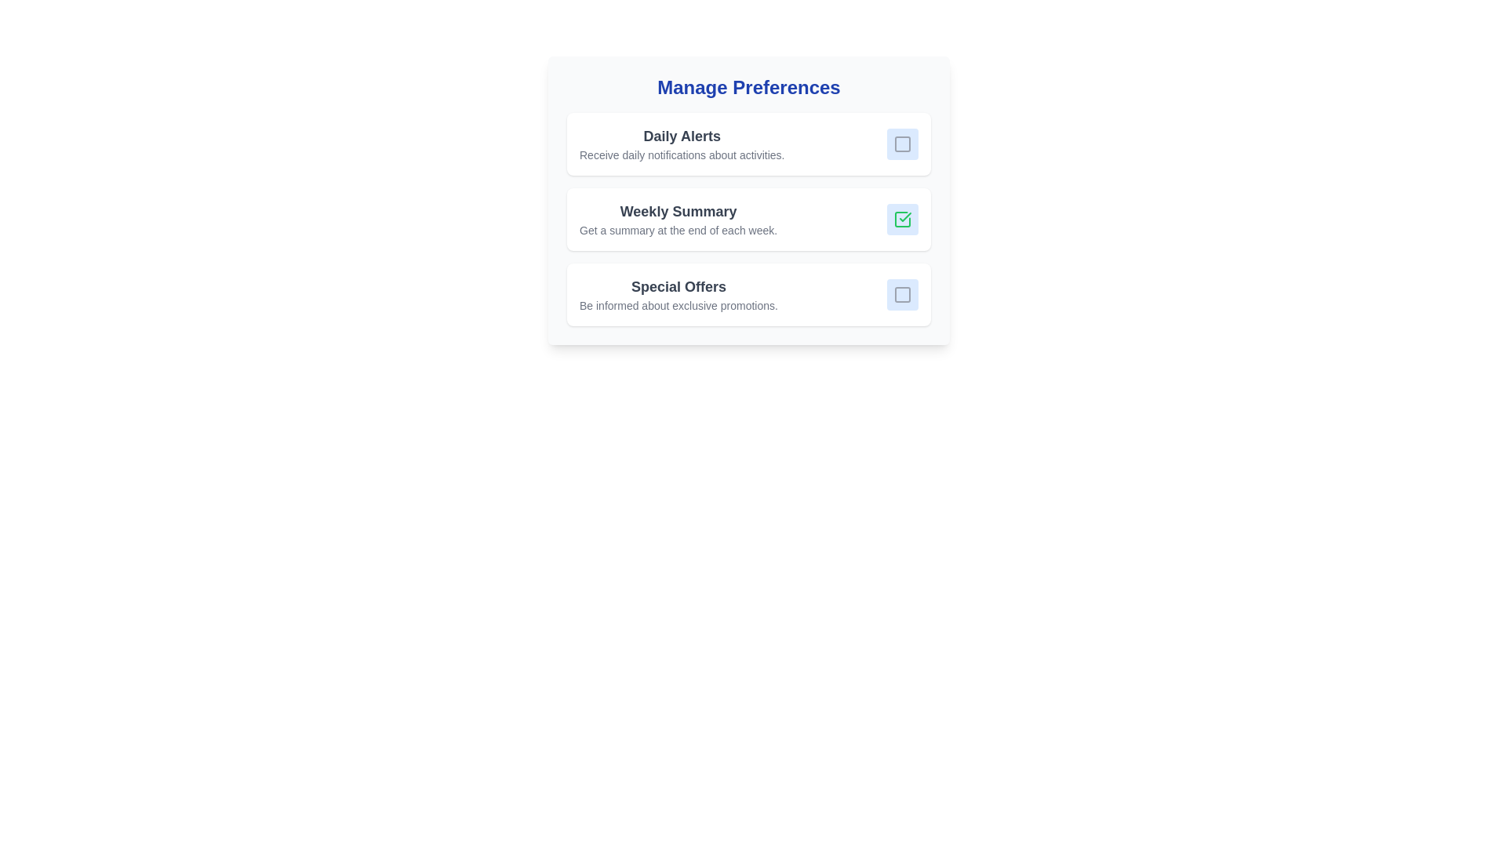 This screenshot has height=847, width=1506. Describe the element at coordinates (682, 144) in the screenshot. I see `the 'Daily Alerts' text block which features a bold title in dark gray and a lighter gray subtitle, positioned at the top of the 'Manage Preferences' card layout` at that location.